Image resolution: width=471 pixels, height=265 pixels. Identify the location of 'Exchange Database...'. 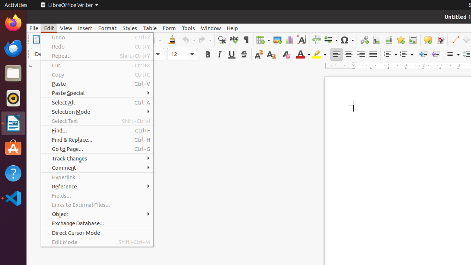
(97, 223).